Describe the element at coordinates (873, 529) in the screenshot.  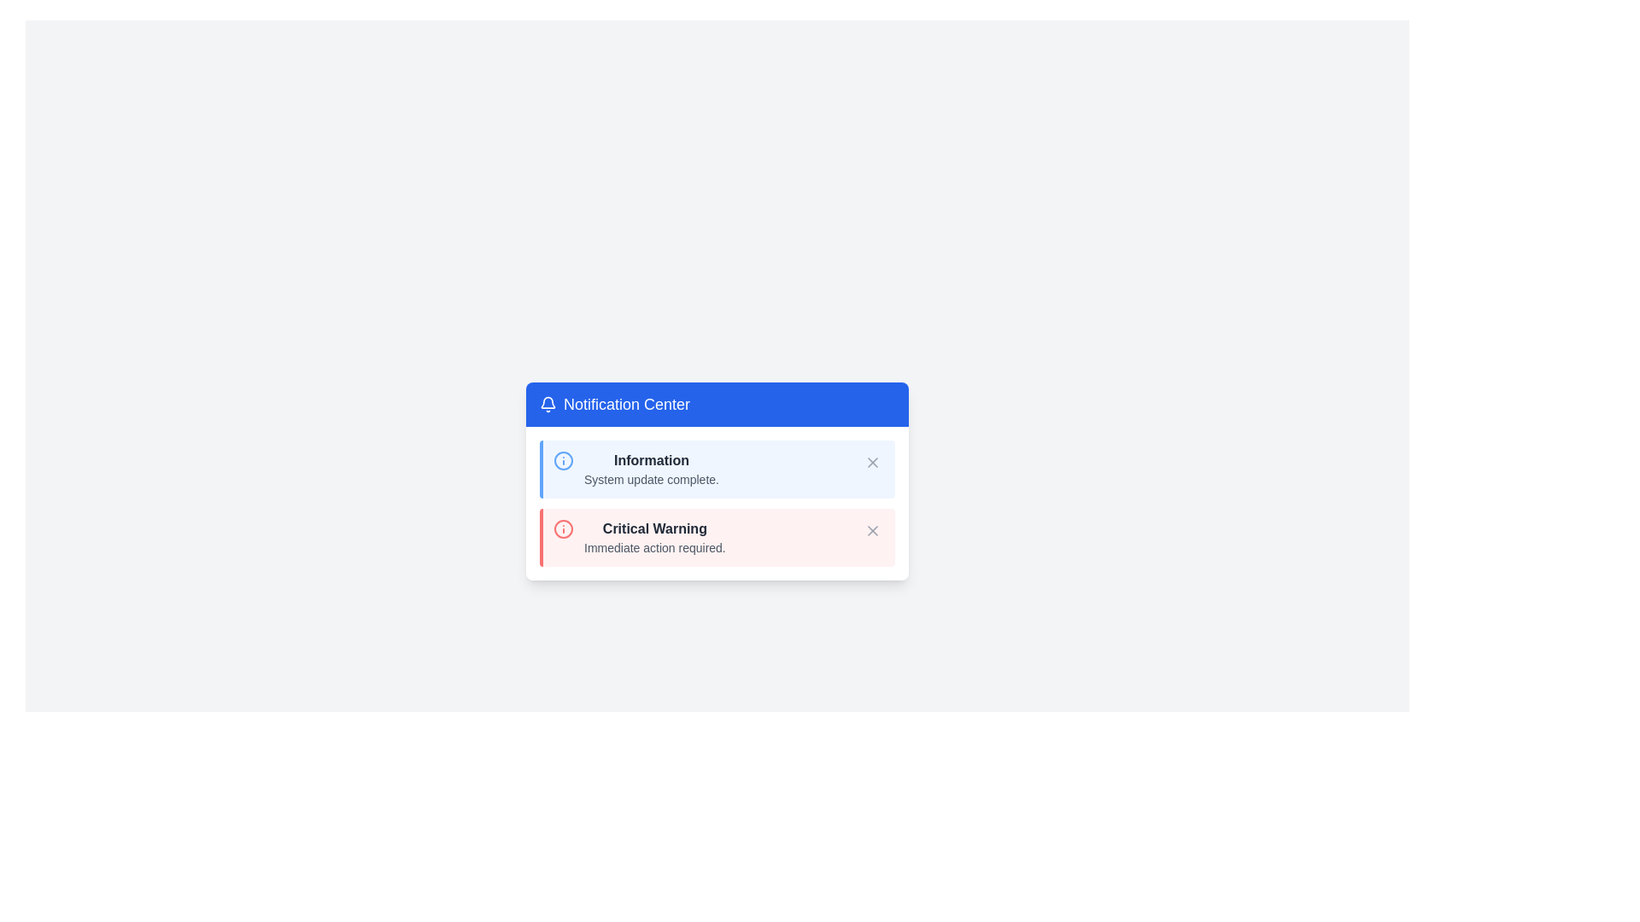
I see `the close button (an 'X' icon) located at the extreme right of the second notification card with a red background labeled 'Critical Warning: Immediate action required'` at that location.